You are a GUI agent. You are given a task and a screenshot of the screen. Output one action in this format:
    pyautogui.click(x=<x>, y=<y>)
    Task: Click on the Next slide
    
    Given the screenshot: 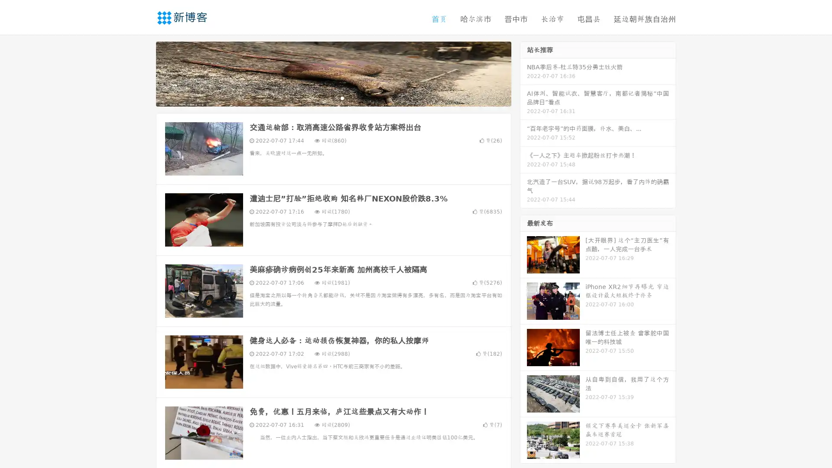 What is the action you would take?
    pyautogui.click(x=523, y=73)
    